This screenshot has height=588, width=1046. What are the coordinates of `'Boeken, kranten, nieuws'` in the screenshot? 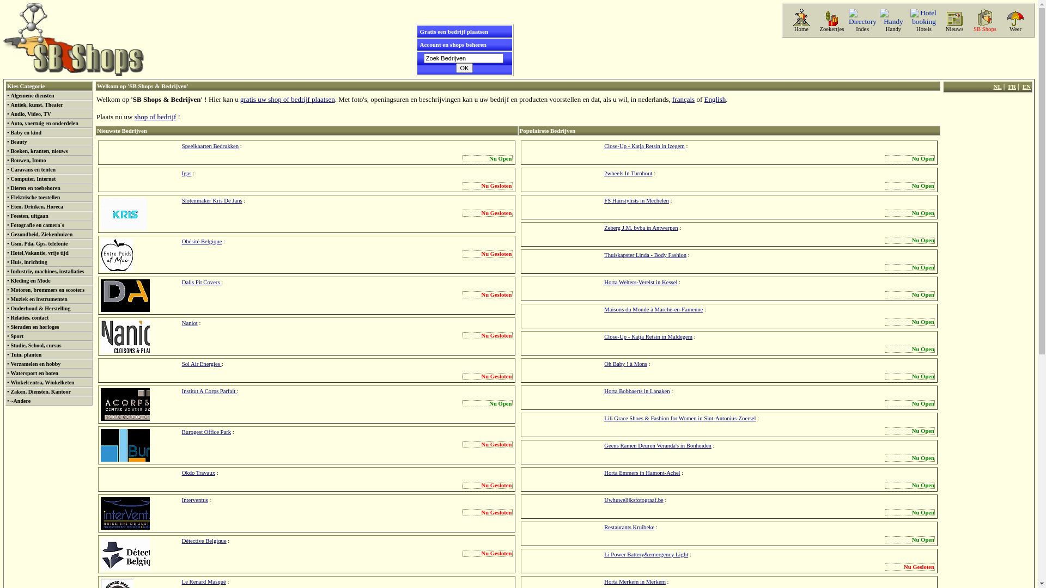 It's located at (39, 151).